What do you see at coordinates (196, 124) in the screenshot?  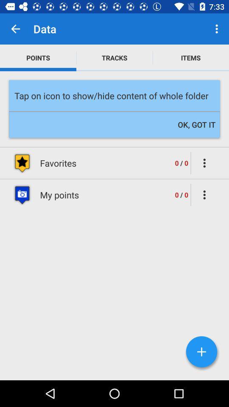 I see `the ok, got it icon` at bounding box center [196, 124].